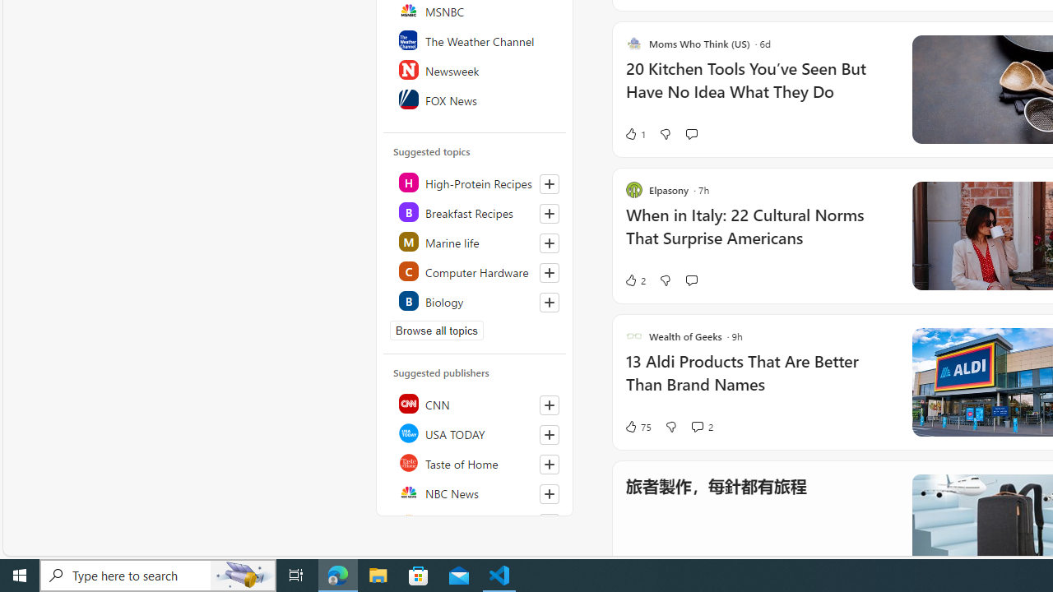 The height and width of the screenshot is (592, 1053). Describe the element at coordinates (475, 39) in the screenshot. I see `'The Weather Channel'` at that location.